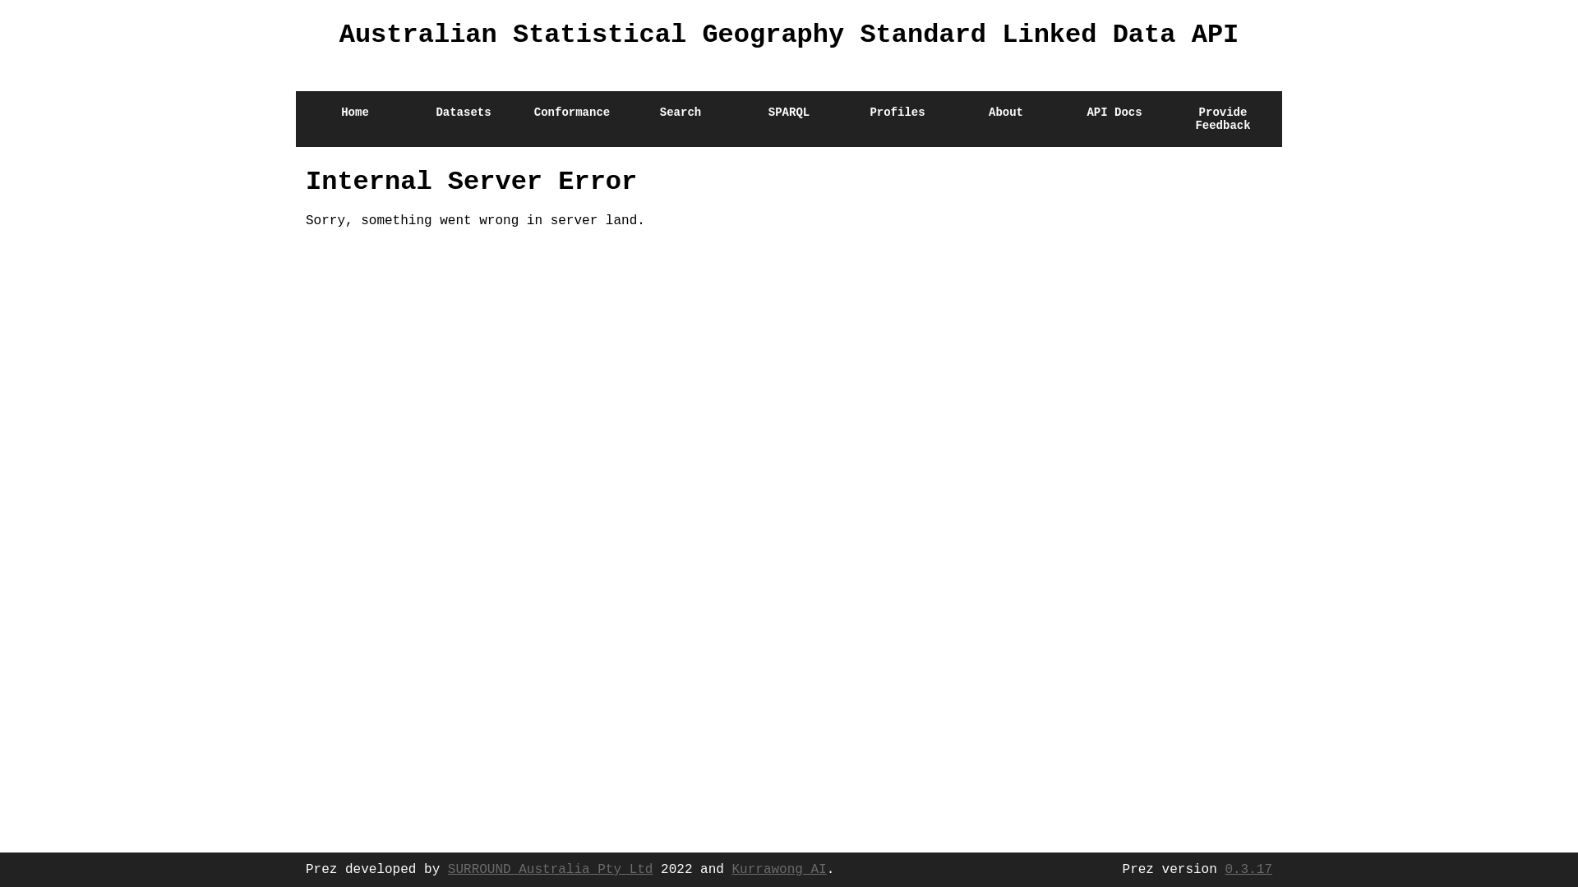 The height and width of the screenshot is (887, 1578). Describe the element at coordinates (848, 118) in the screenshot. I see `'Profiles'` at that location.